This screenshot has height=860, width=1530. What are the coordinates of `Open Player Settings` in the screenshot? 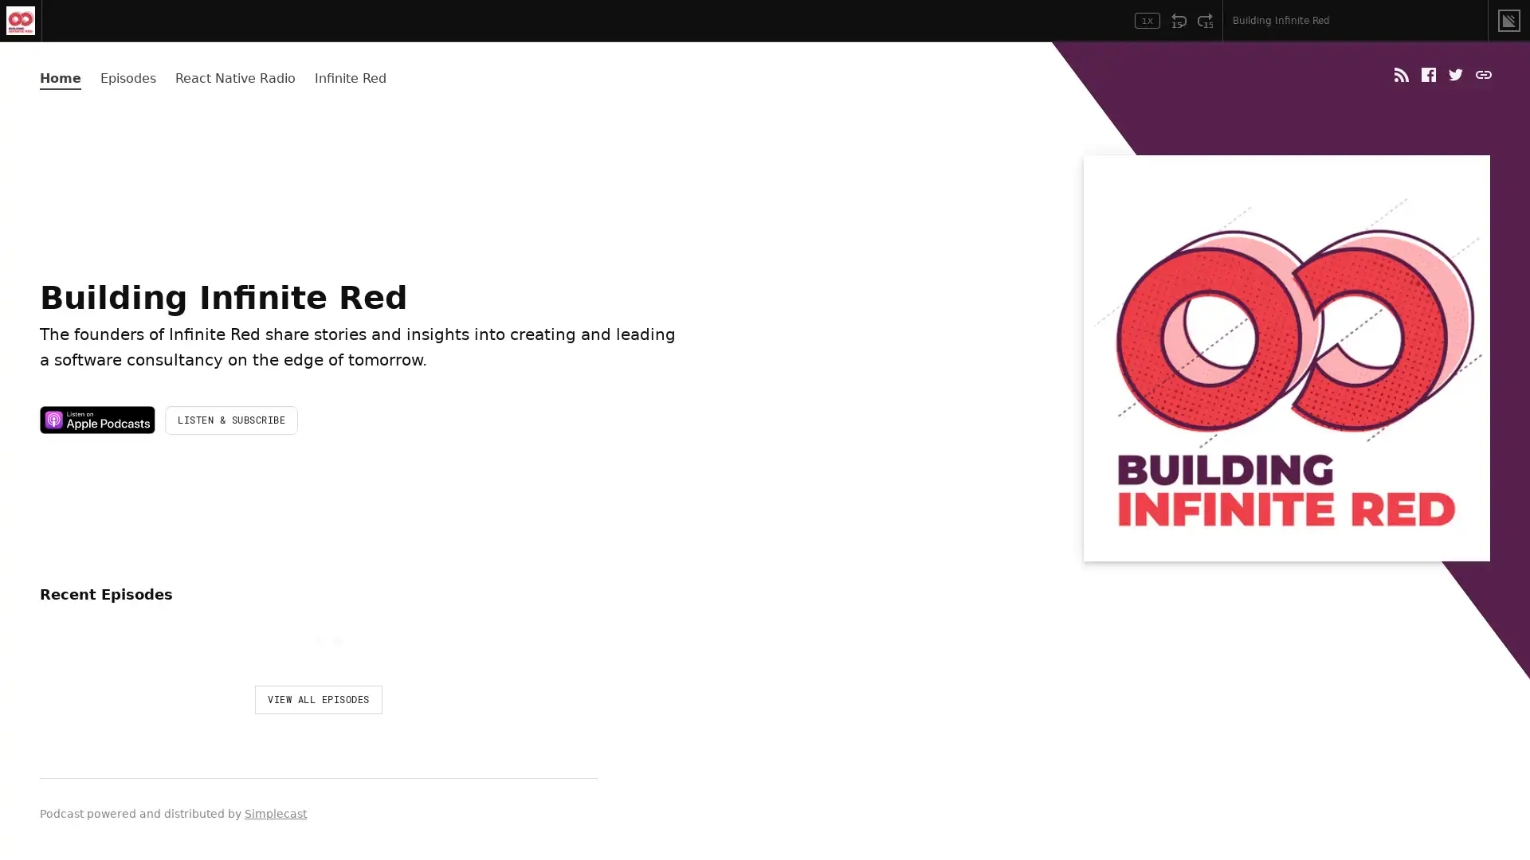 It's located at (1101, 21).